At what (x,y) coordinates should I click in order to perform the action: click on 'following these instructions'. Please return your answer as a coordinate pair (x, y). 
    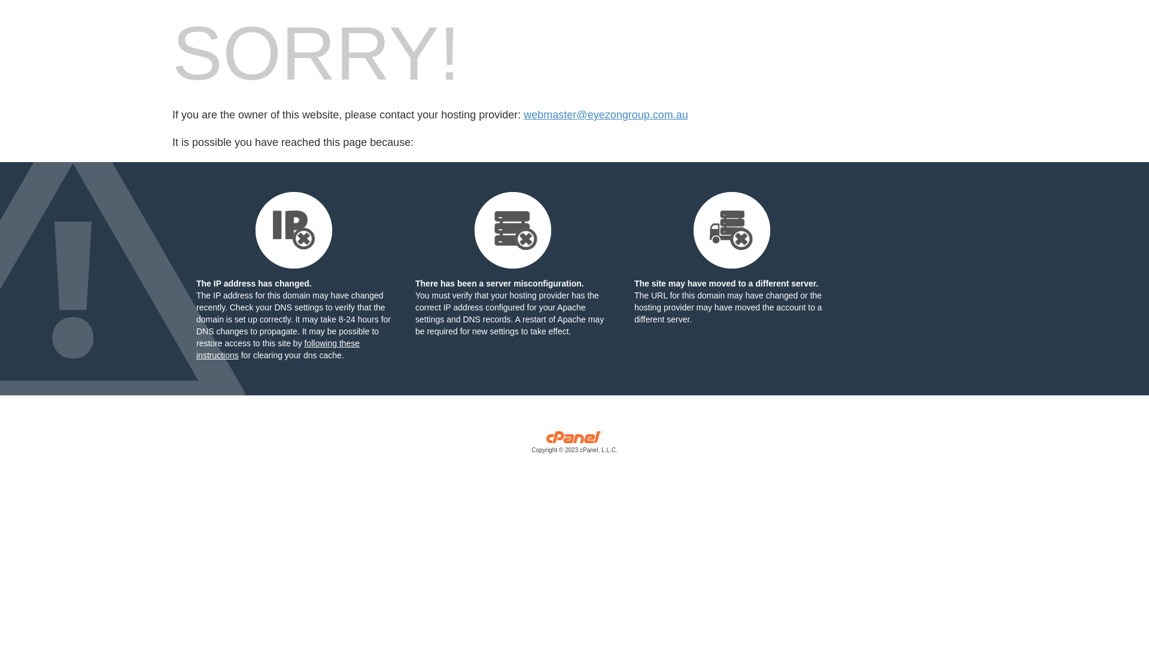
    Looking at the image, I should click on (277, 349).